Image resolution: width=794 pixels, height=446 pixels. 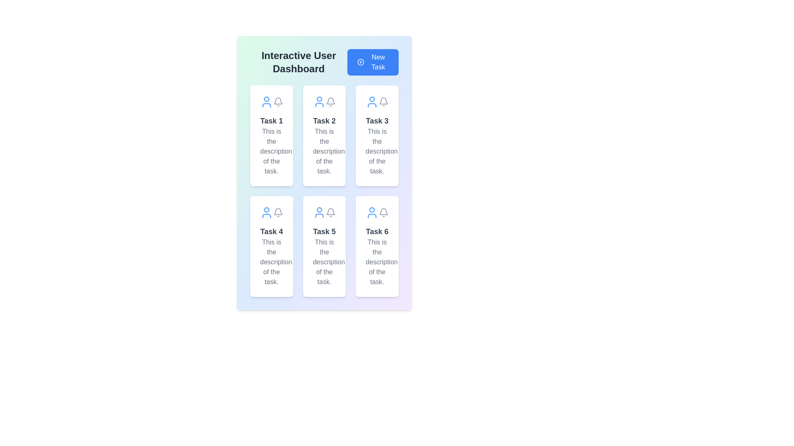 What do you see at coordinates (266, 99) in the screenshot?
I see `the circular icon element representing the user's head in the dashboard under 'Task 1'` at bounding box center [266, 99].